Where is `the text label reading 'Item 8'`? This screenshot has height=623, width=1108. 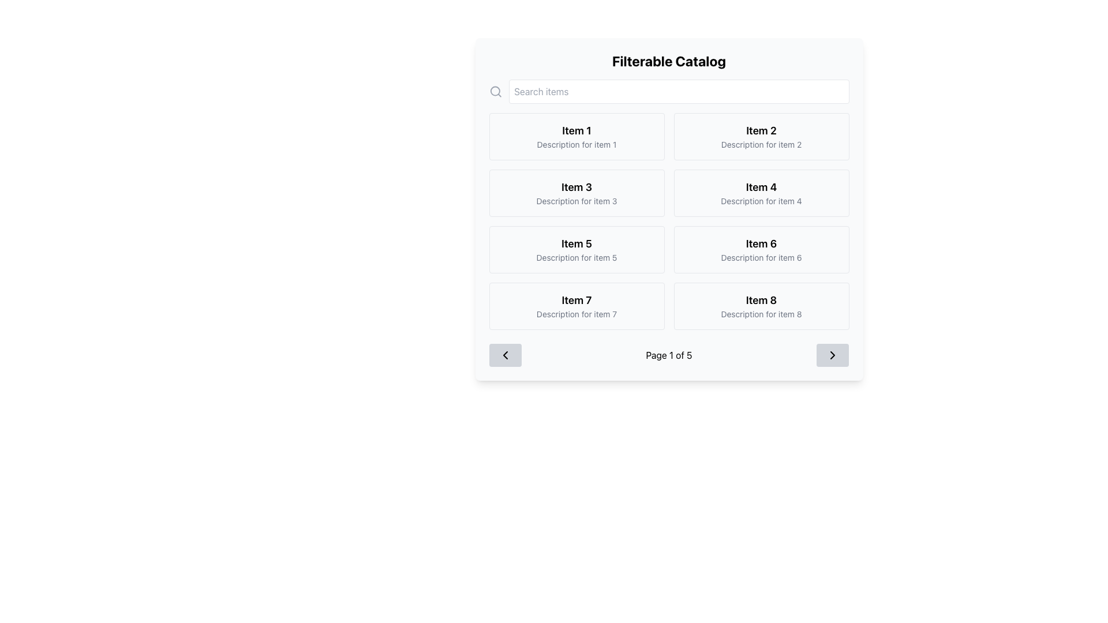
the text label reading 'Item 8' is located at coordinates (761, 299).